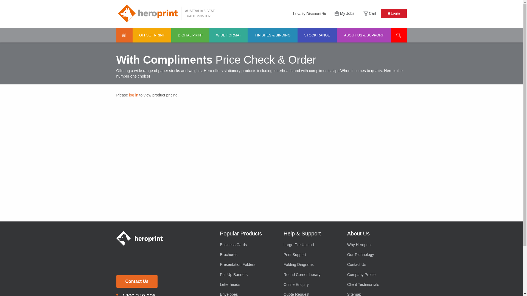 Image resolution: width=527 pixels, height=296 pixels. I want to click on 'Business Cards', so click(247, 244).